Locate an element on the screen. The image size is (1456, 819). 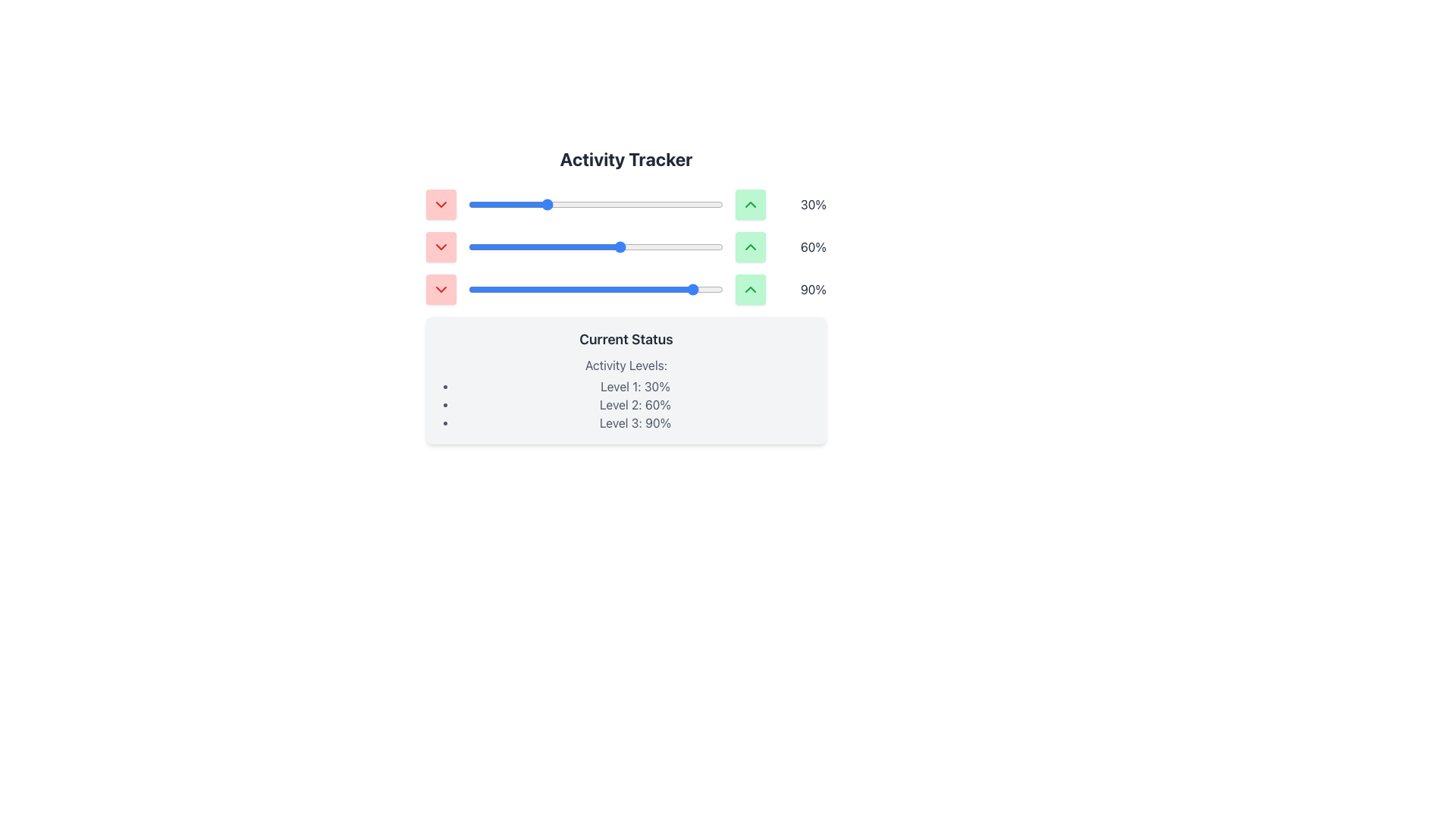
the slider is located at coordinates (488, 289).